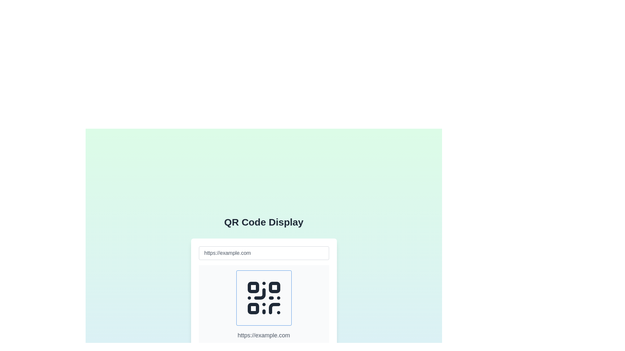 This screenshot has width=625, height=351. What do you see at coordinates (253, 308) in the screenshot?
I see `the square block in the bottom-left quadrant of the QR code structure that contributes to the encoding of data` at bounding box center [253, 308].